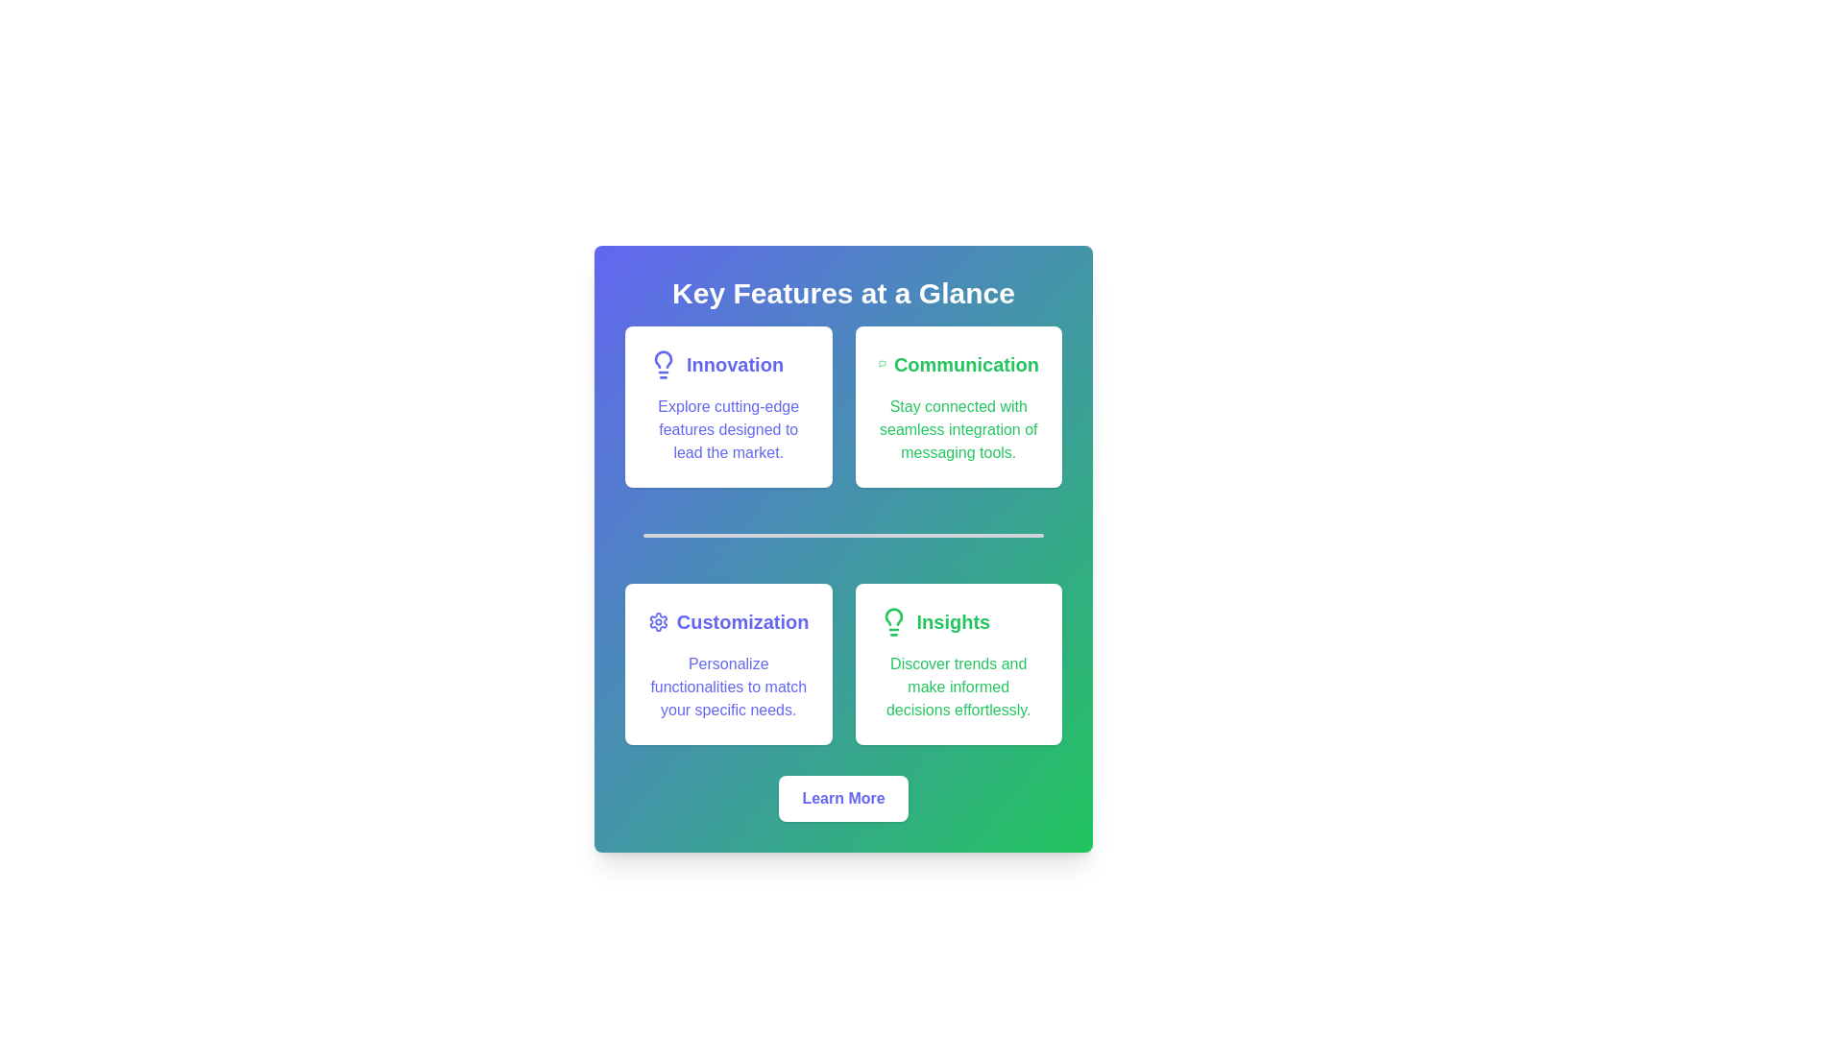 Image resolution: width=1844 pixels, height=1037 pixels. I want to click on the descriptive text element located in the bottom-left quadrant of the 'Customization' card, positioned directly below the heading, so click(727, 687).